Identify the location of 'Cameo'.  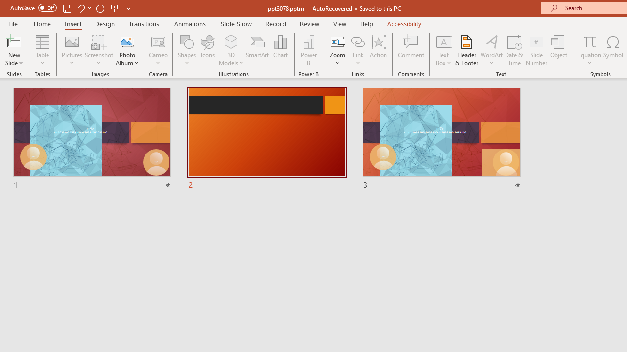
(158, 50).